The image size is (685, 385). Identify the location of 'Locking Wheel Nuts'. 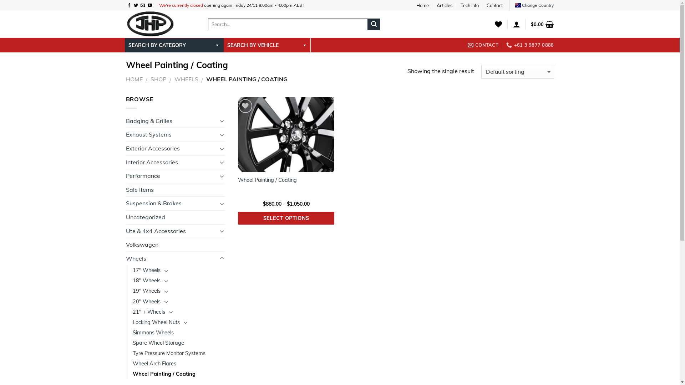
(156, 322).